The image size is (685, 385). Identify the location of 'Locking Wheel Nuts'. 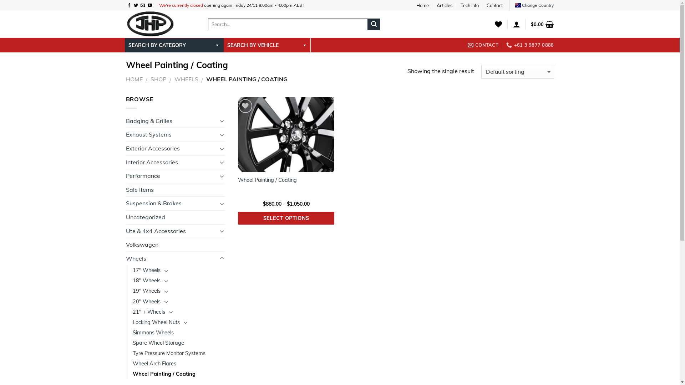
(156, 322).